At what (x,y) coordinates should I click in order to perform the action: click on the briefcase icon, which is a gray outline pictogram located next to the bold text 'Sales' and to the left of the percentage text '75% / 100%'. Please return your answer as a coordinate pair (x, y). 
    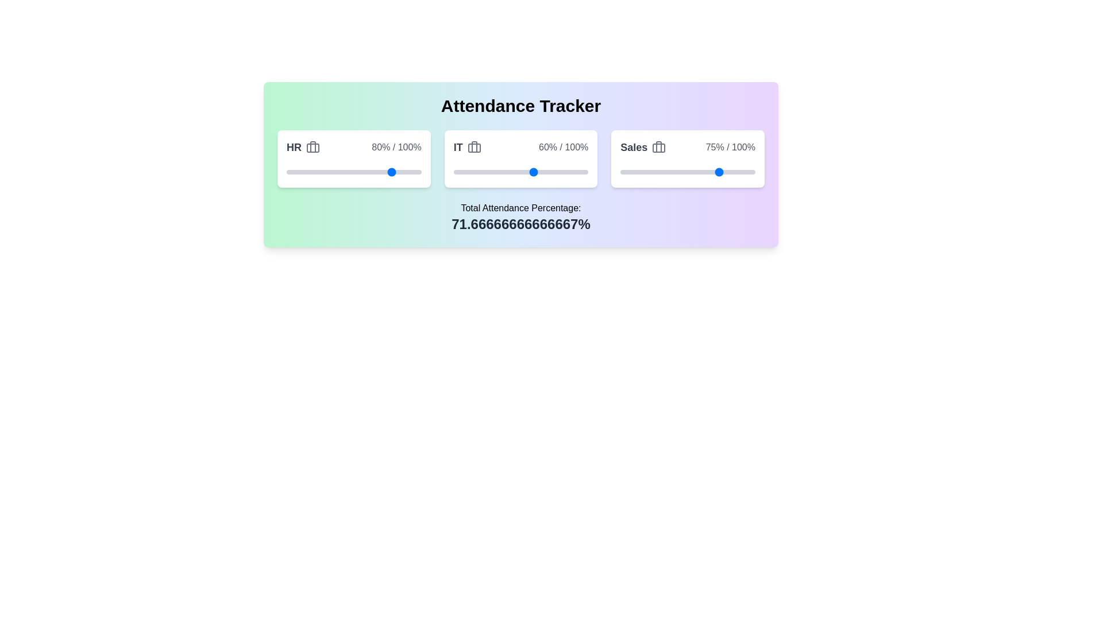
    Looking at the image, I should click on (659, 147).